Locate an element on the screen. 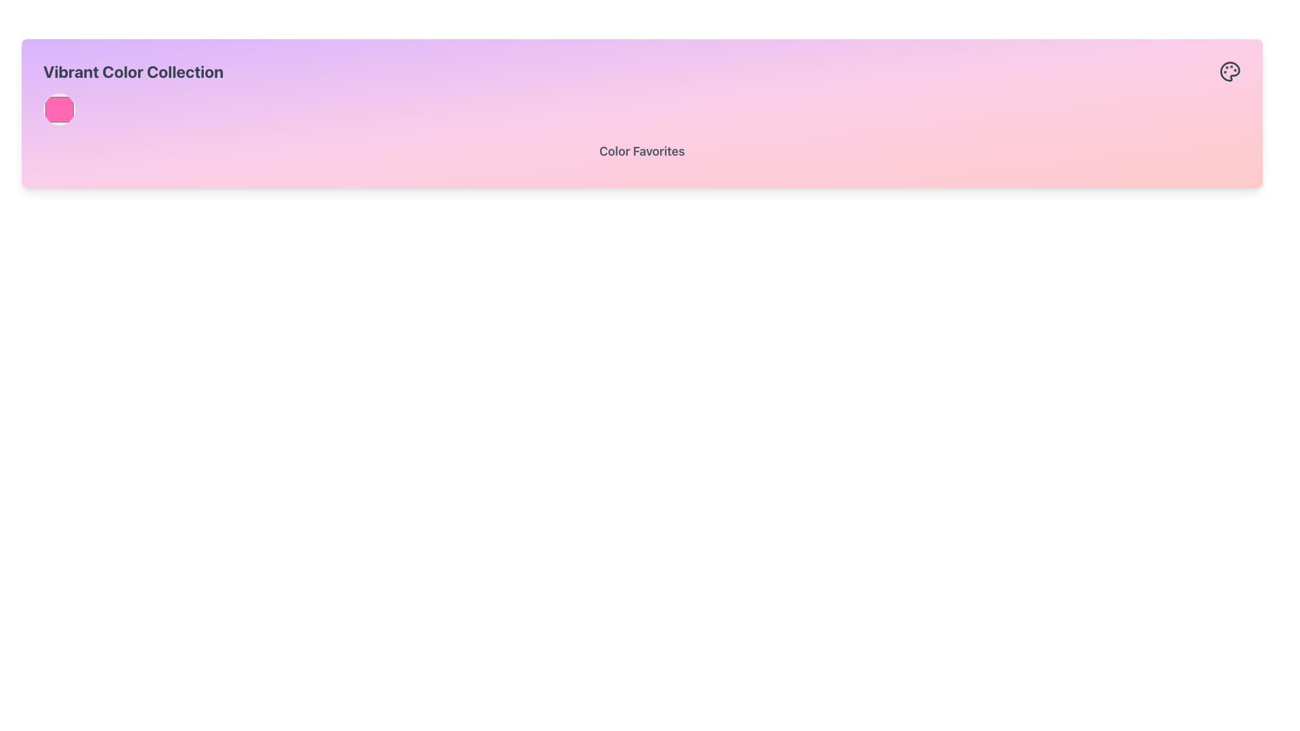 The width and height of the screenshot is (1300, 731). the Circular interactive button located below the 'Vibrant Color Collection' title is located at coordinates (58, 109).